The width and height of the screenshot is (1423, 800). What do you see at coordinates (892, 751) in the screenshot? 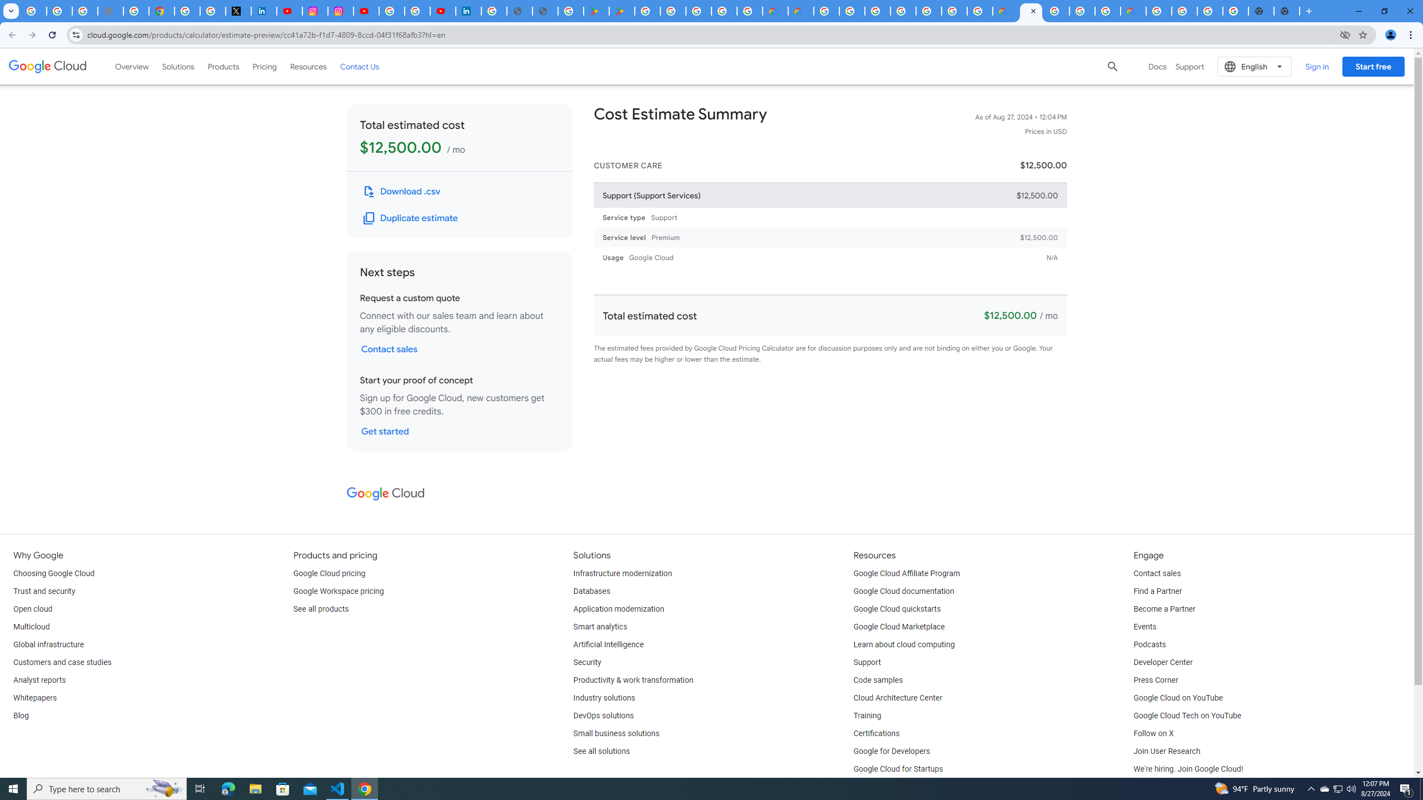
I see `'Google for Developers'` at bounding box center [892, 751].